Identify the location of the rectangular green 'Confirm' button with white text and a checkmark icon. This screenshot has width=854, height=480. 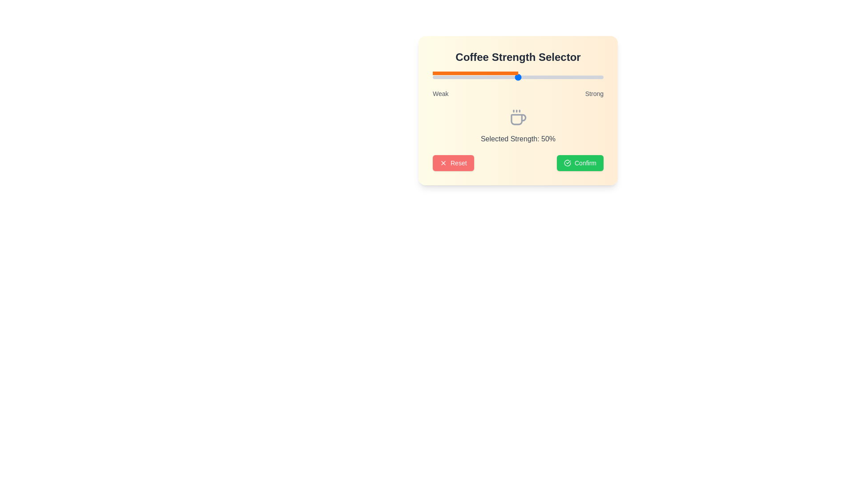
(580, 163).